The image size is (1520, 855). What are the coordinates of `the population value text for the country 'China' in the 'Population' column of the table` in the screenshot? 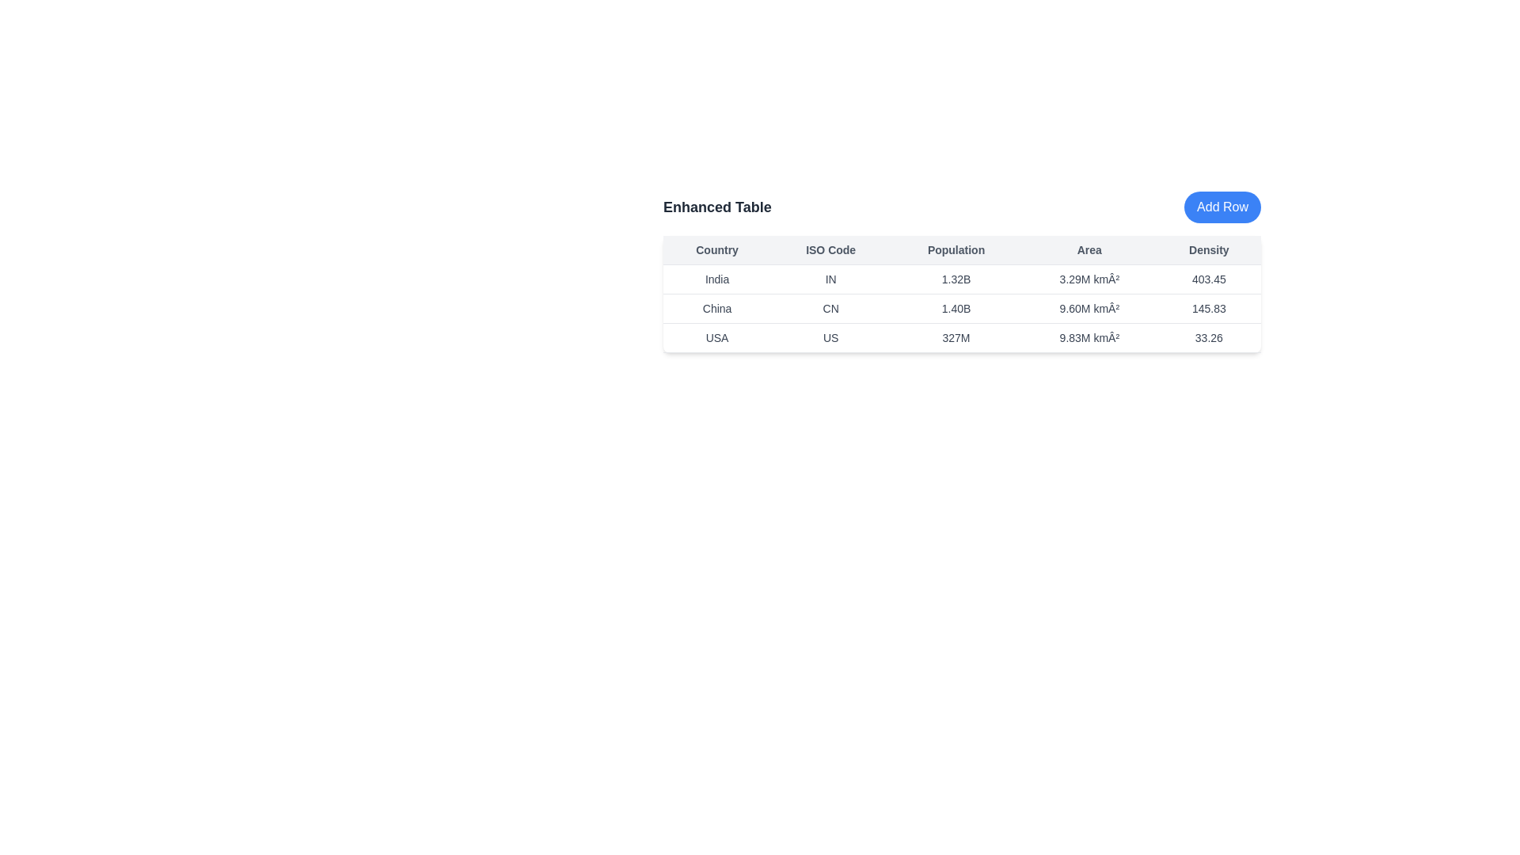 It's located at (956, 308).